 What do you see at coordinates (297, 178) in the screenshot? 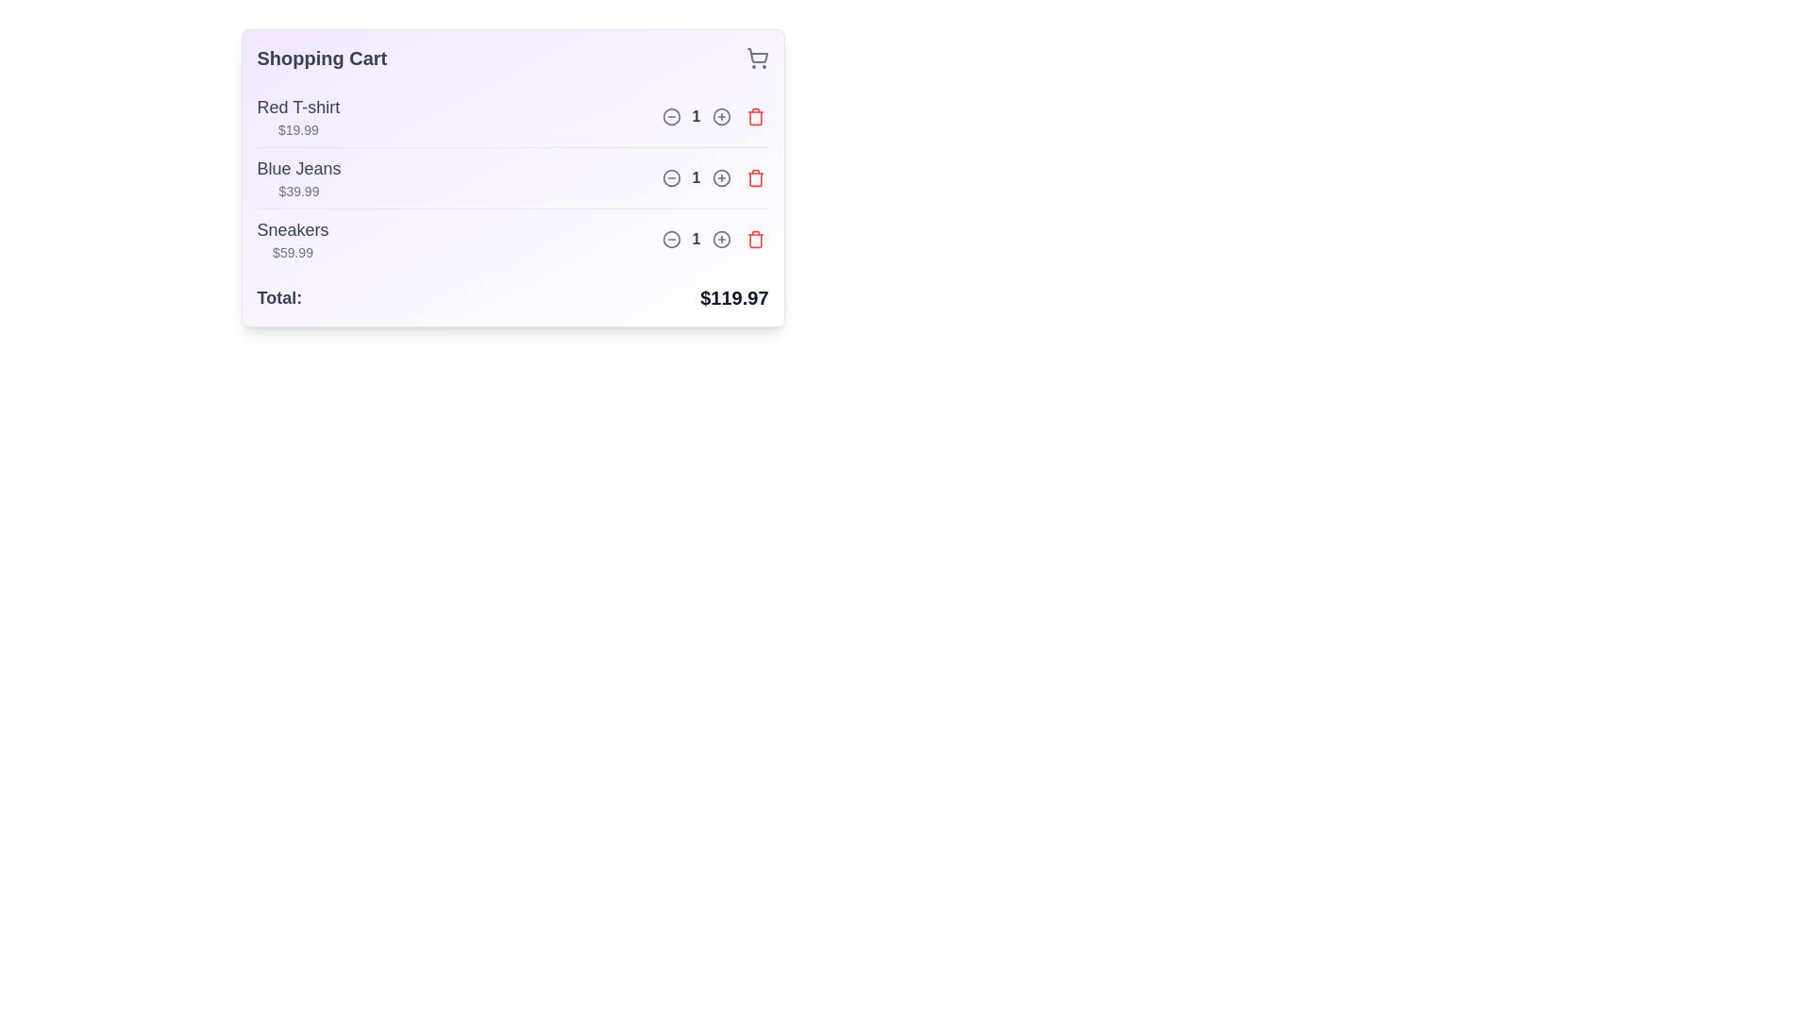
I see `the text display element showing 'Blue Jeans' priced at '$39.99', which is the second item in the shopping cart list` at bounding box center [297, 178].